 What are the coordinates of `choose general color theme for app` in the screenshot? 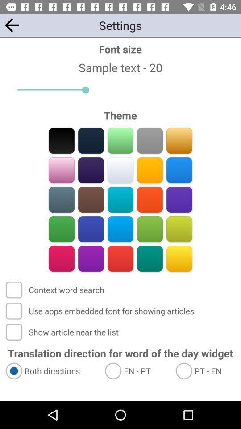 It's located at (179, 170).